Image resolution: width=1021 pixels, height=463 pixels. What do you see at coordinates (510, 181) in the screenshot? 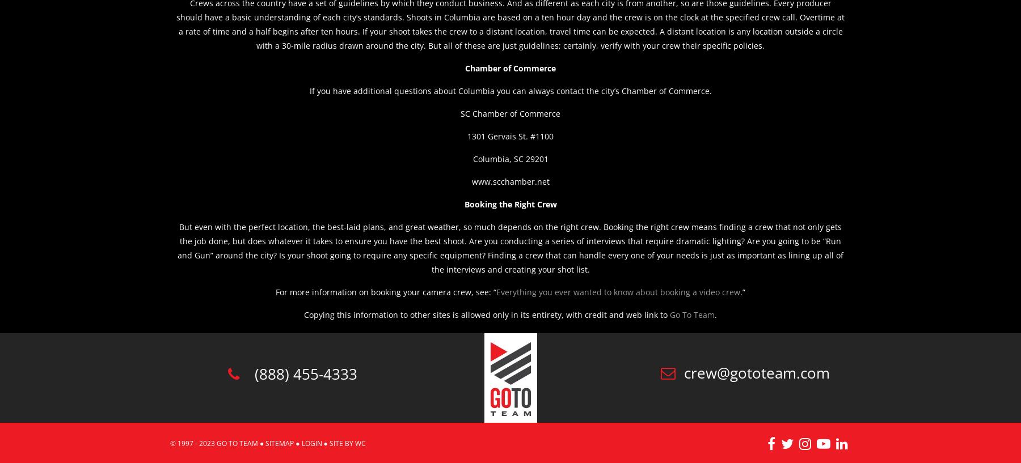
I see `'www.scchamber.net'` at bounding box center [510, 181].